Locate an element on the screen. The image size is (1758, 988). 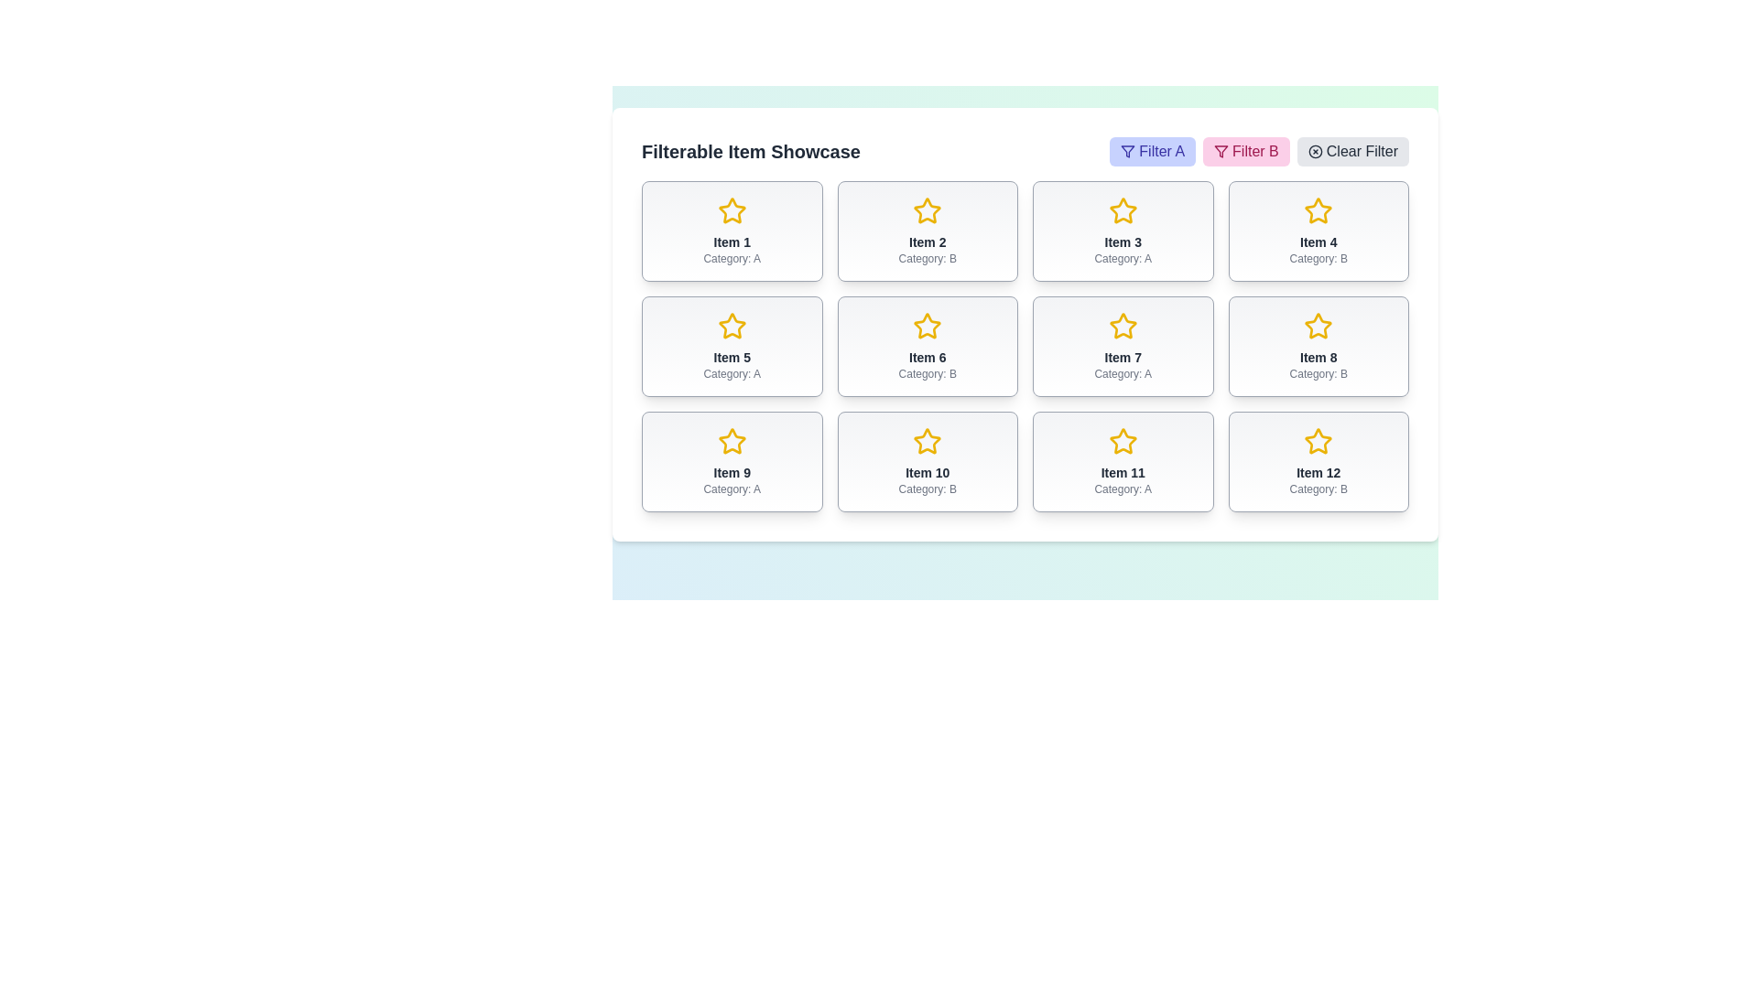
the eleventh item in the filterable showcase grid, located in the bottom row, second column from the right is located at coordinates (1122, 461).